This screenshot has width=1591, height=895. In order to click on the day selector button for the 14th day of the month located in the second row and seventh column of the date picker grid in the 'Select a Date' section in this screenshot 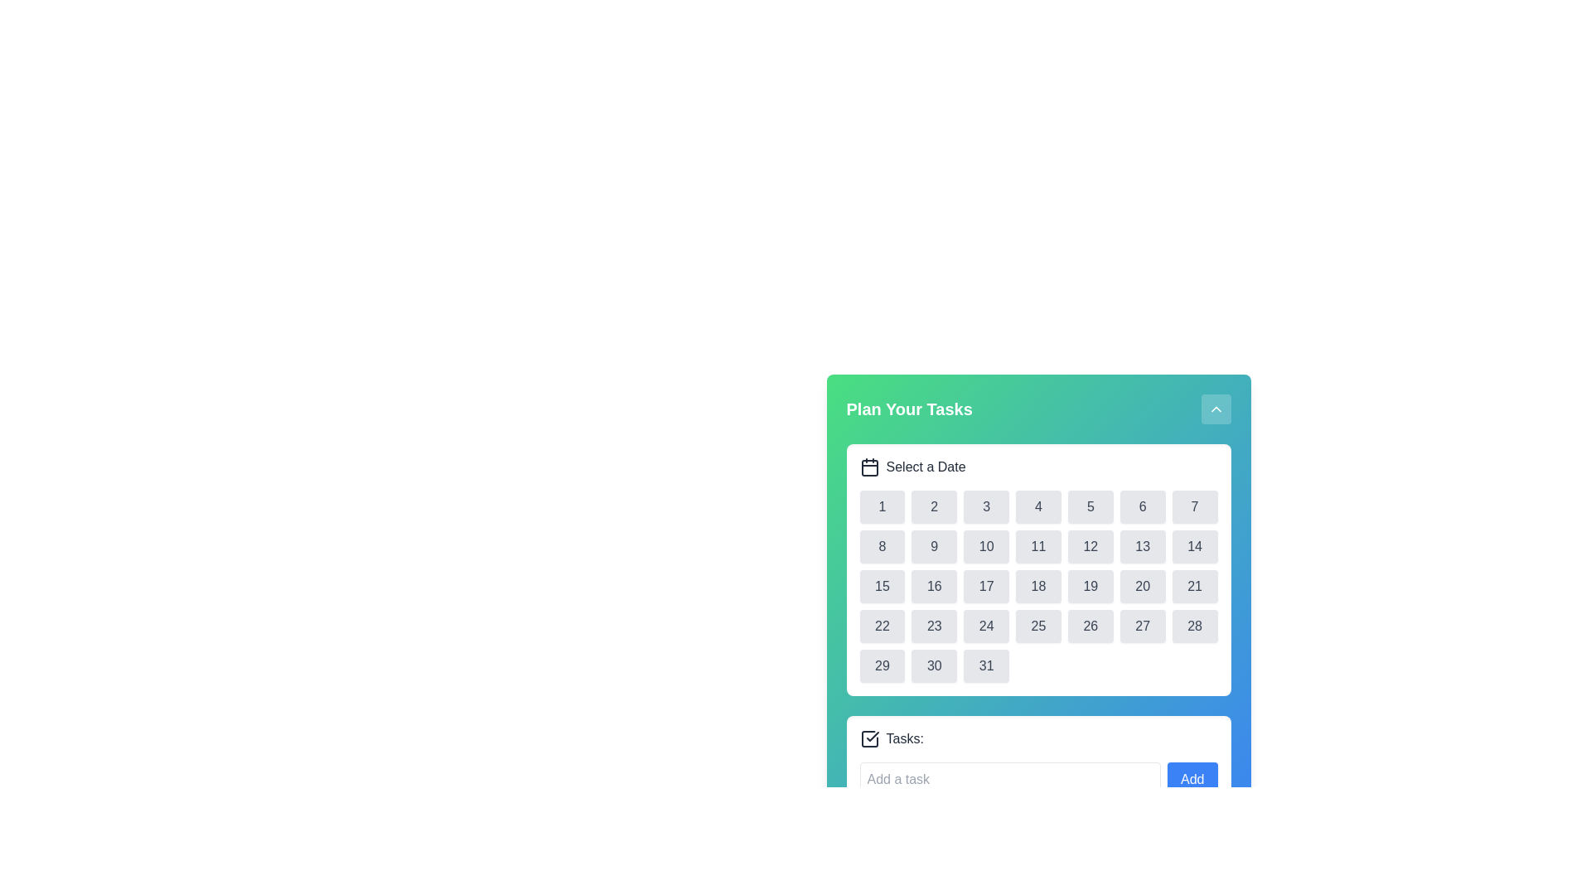, I will do `click(1195, 546)`.